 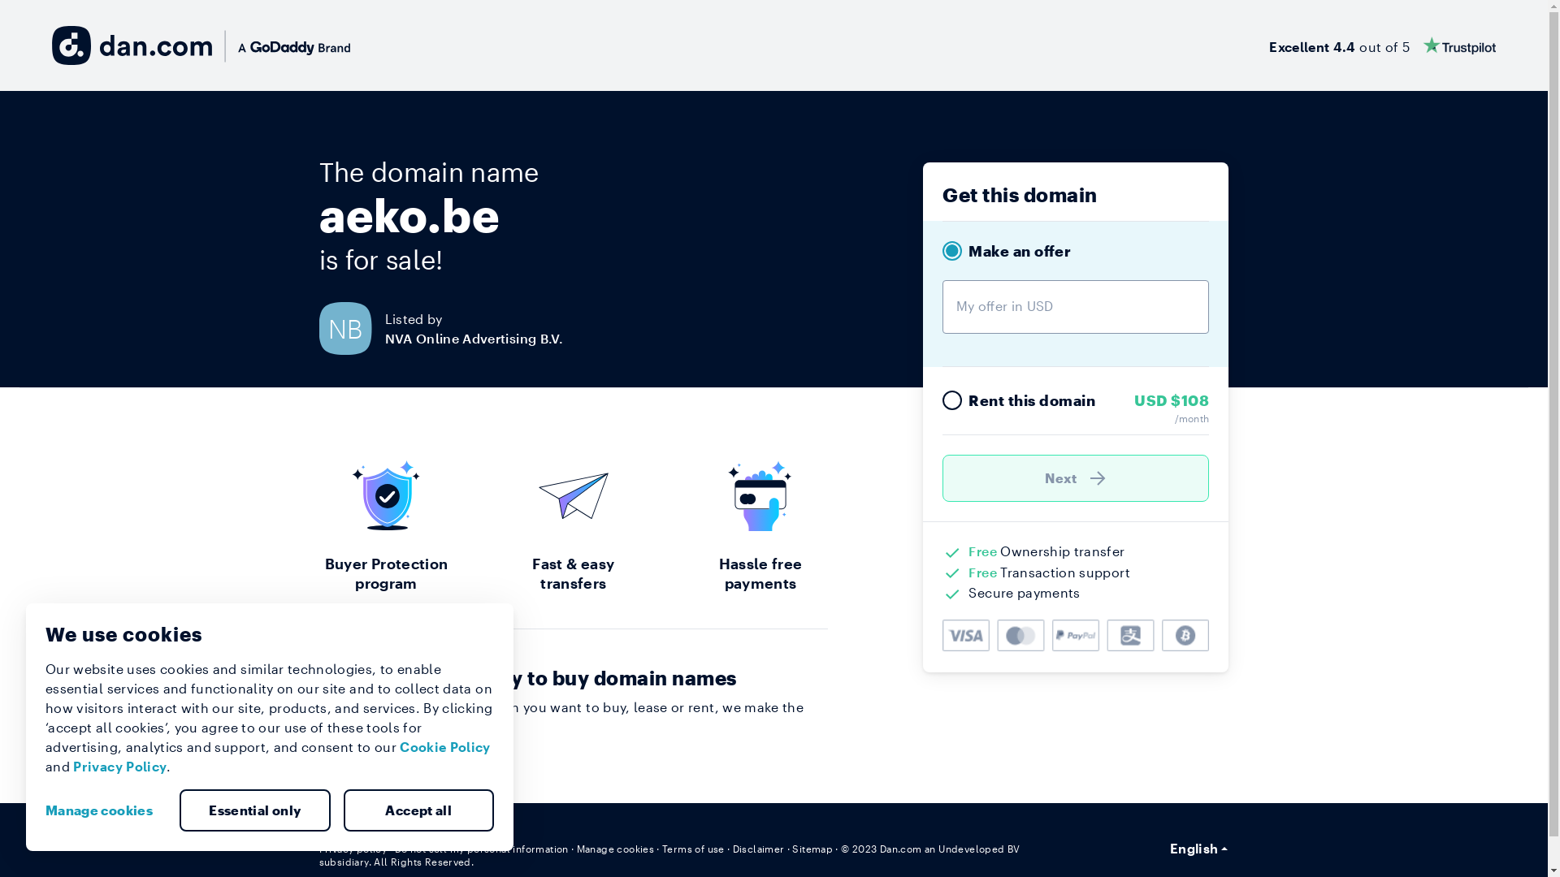 I want to click on 'Cookie Policy', so click(x=444, y=746).